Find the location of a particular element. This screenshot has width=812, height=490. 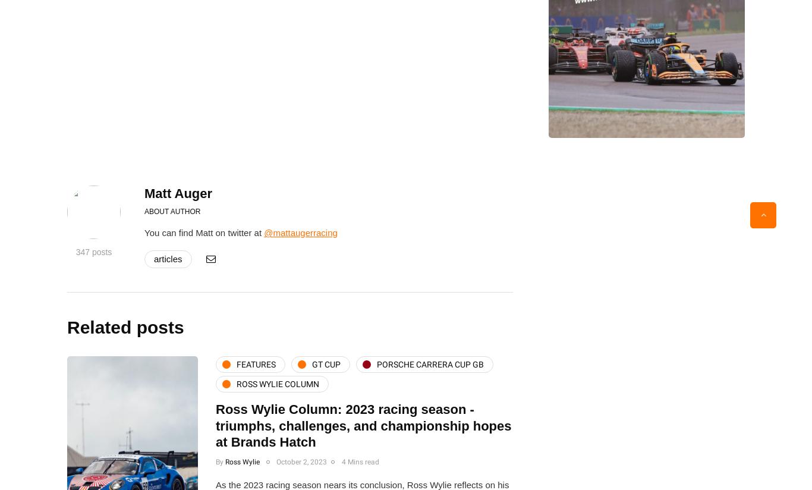

'Ross Wylie Column' is located at coordinates (236, 383).